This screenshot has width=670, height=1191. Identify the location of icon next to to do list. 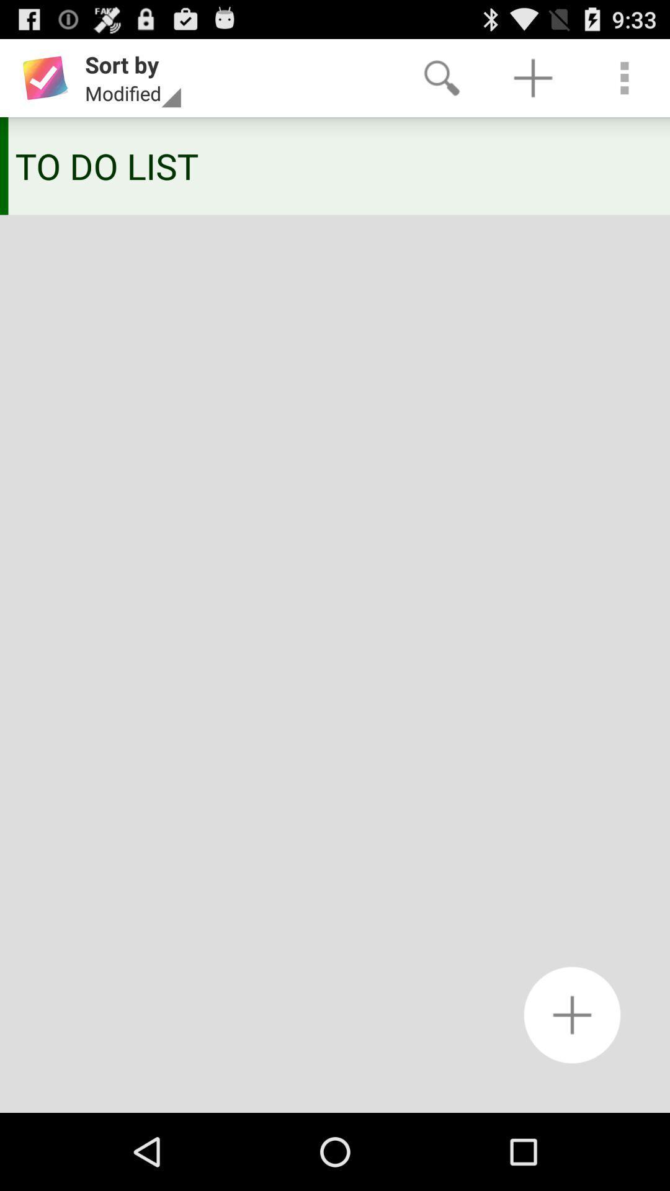
(4, 165).